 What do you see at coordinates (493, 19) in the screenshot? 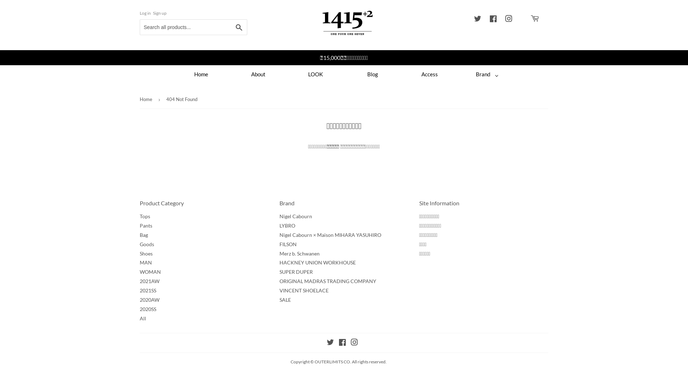
I see `'Facebook'` at bounding box center [493, 19].